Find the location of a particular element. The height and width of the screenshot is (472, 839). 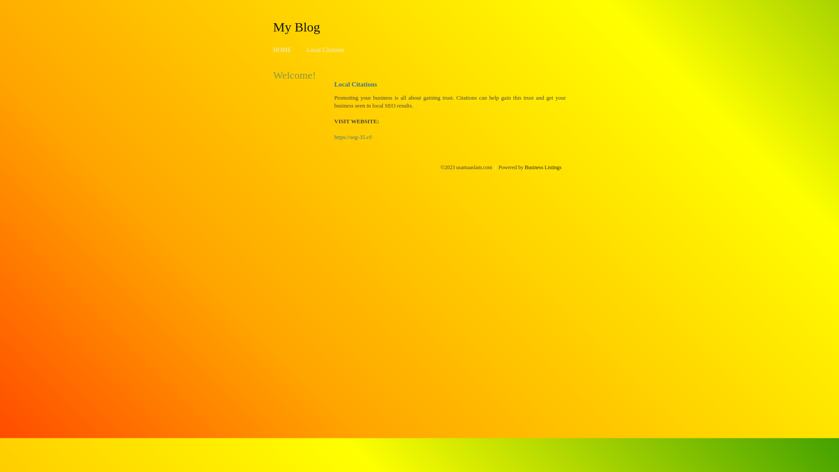

'My Blog' is located at coordinates (272, 26).